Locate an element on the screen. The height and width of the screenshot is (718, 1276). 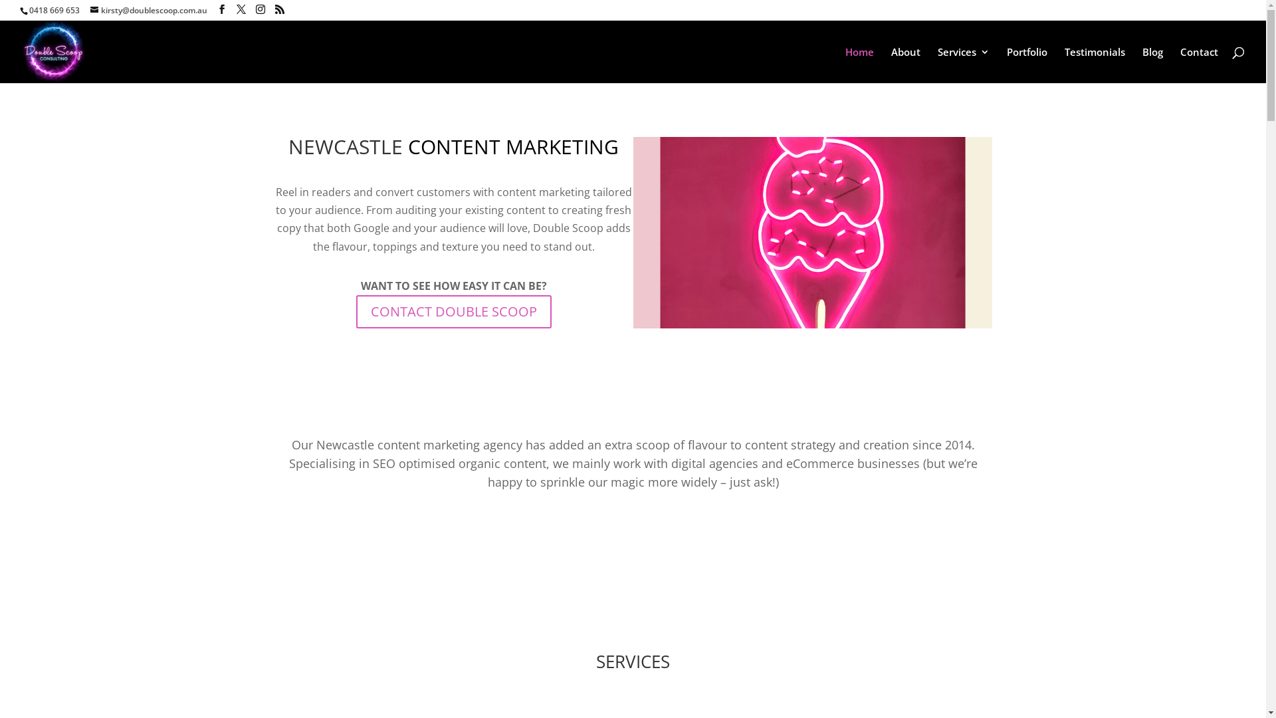
'Portfolio' is located at coordinates (1026, 64).